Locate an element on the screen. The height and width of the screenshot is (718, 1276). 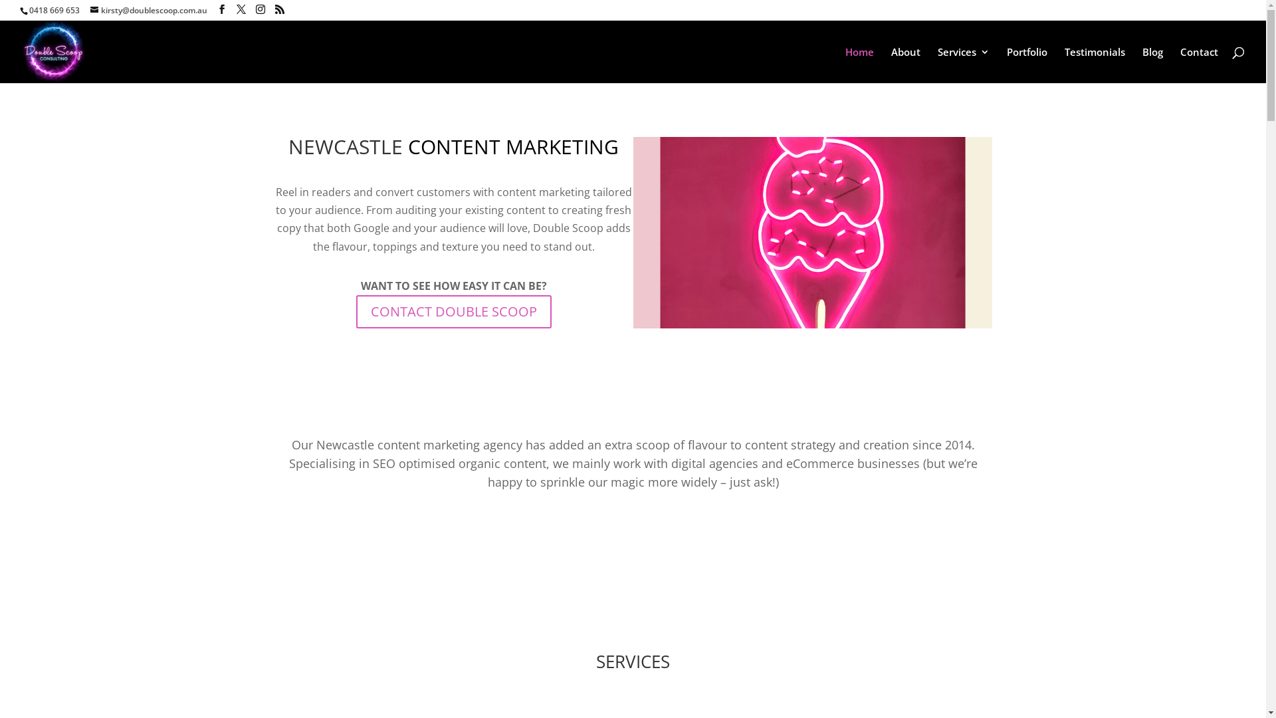
'Portfolio' is located at coordinates (1026, 64).